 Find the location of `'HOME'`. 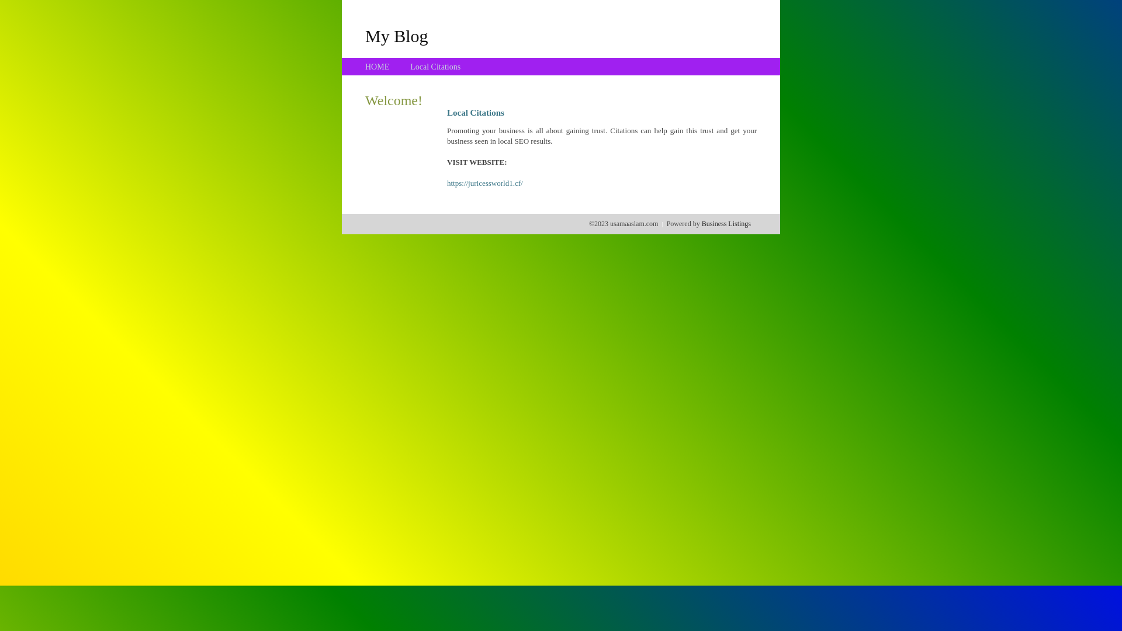

'HOME' is located at coordinates (377, 67).